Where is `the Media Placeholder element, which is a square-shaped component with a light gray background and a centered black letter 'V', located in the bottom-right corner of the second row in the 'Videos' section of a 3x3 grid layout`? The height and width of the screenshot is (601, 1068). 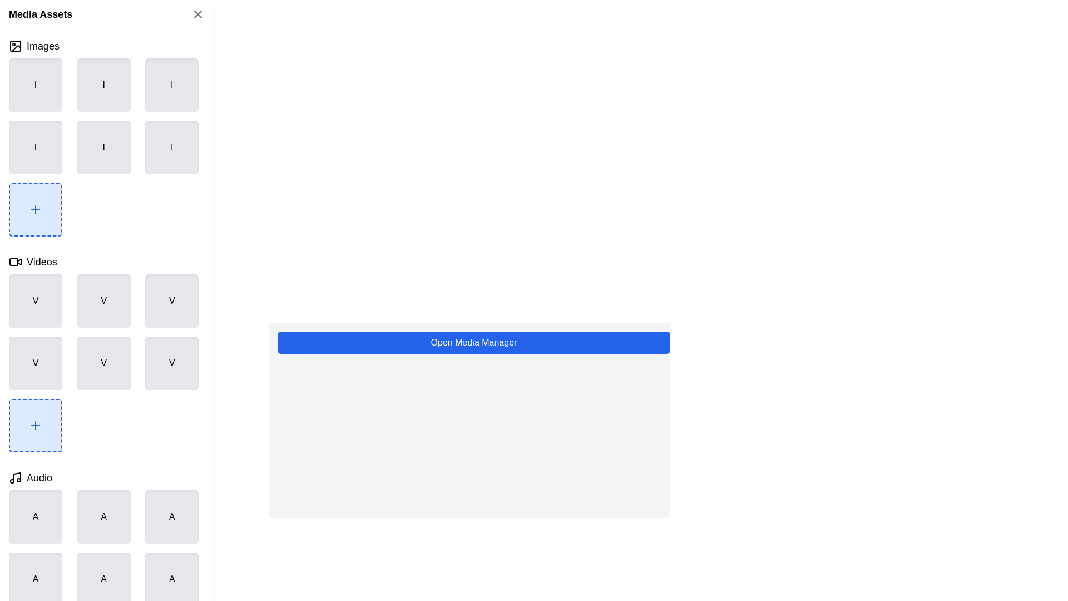
the Media Placeholder element, which is a square-shaped component with a light gray background and a centered black letter 'V', located in the bottom-right corner of the second row in the 'Videos' section of a 3x3 grid layout is located at coordinates (171, 363).